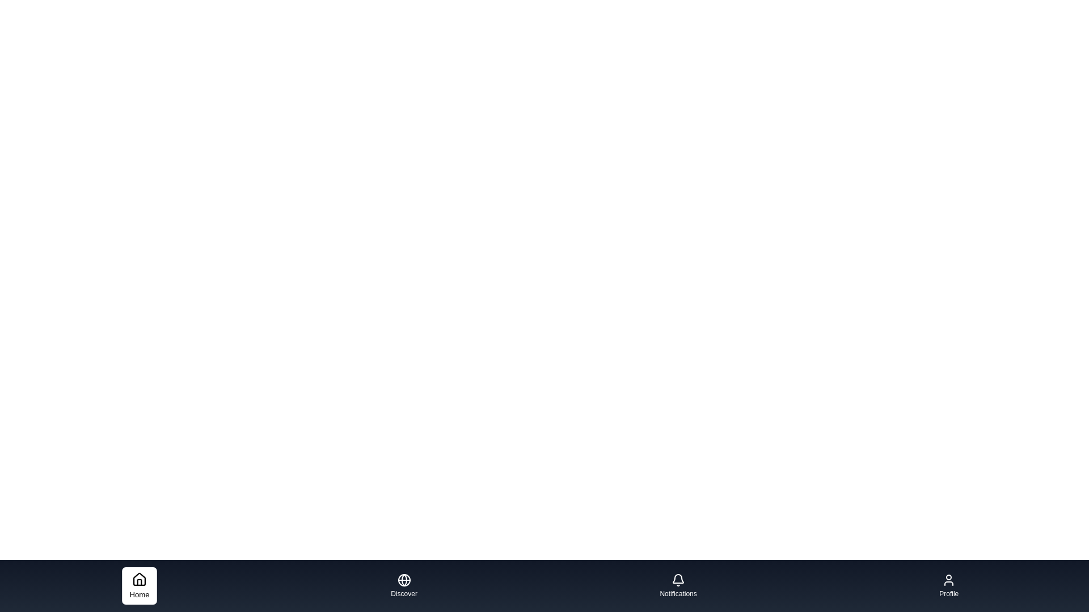 This screenshot has width=1089, height=612. What do you see at coordinates (138, 585) in the screenshot?
I see `the Home navigation tab to activate it` at bounding box center [138, 585].